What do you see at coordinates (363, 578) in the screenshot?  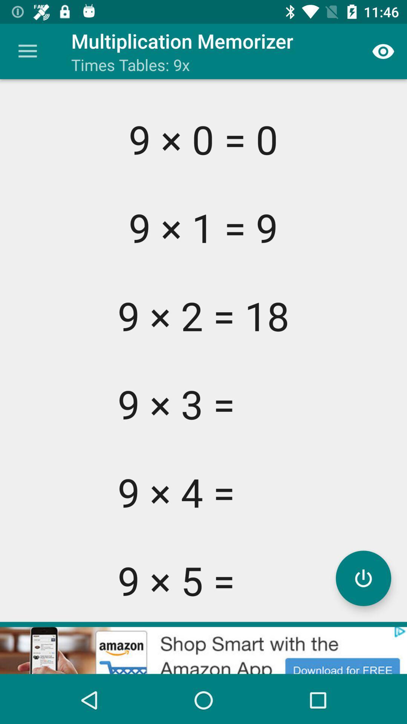 I see `power option` at bounding box center [363, 578].